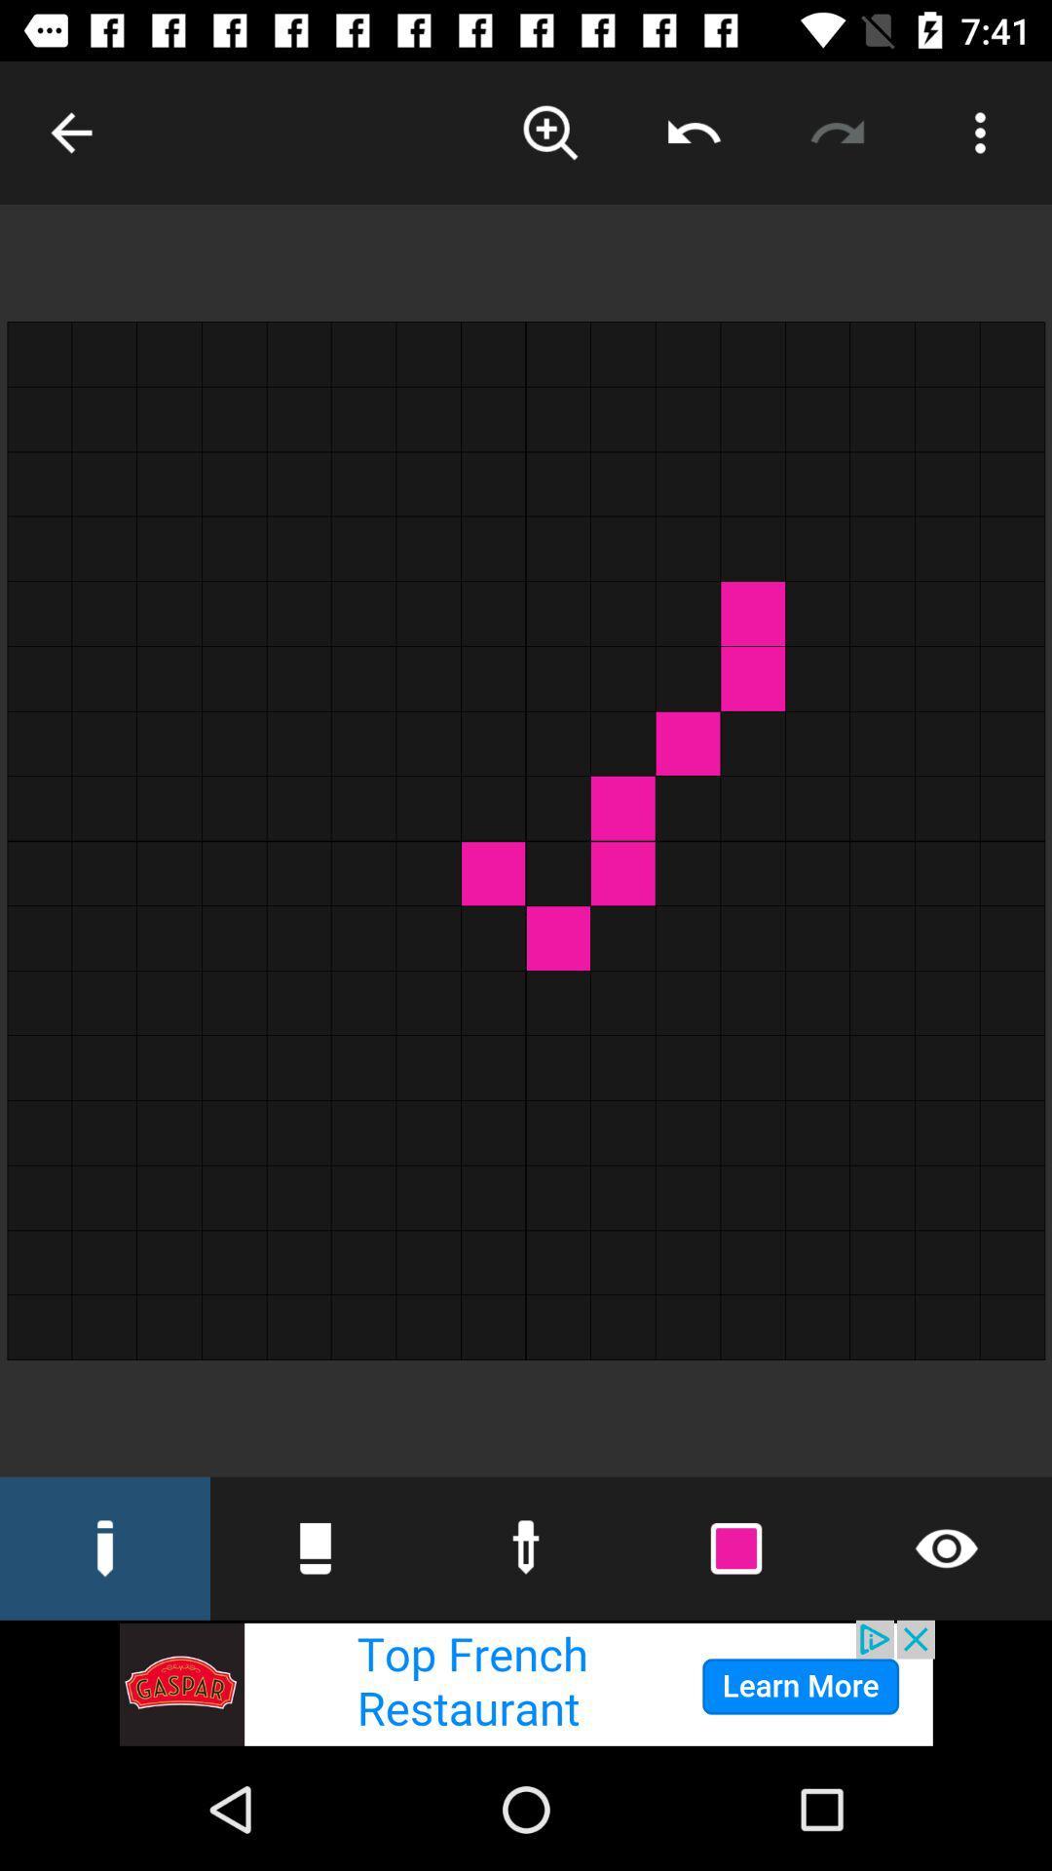 The image size is (1052, 1871). I want to click on redo, so click(836, 132).